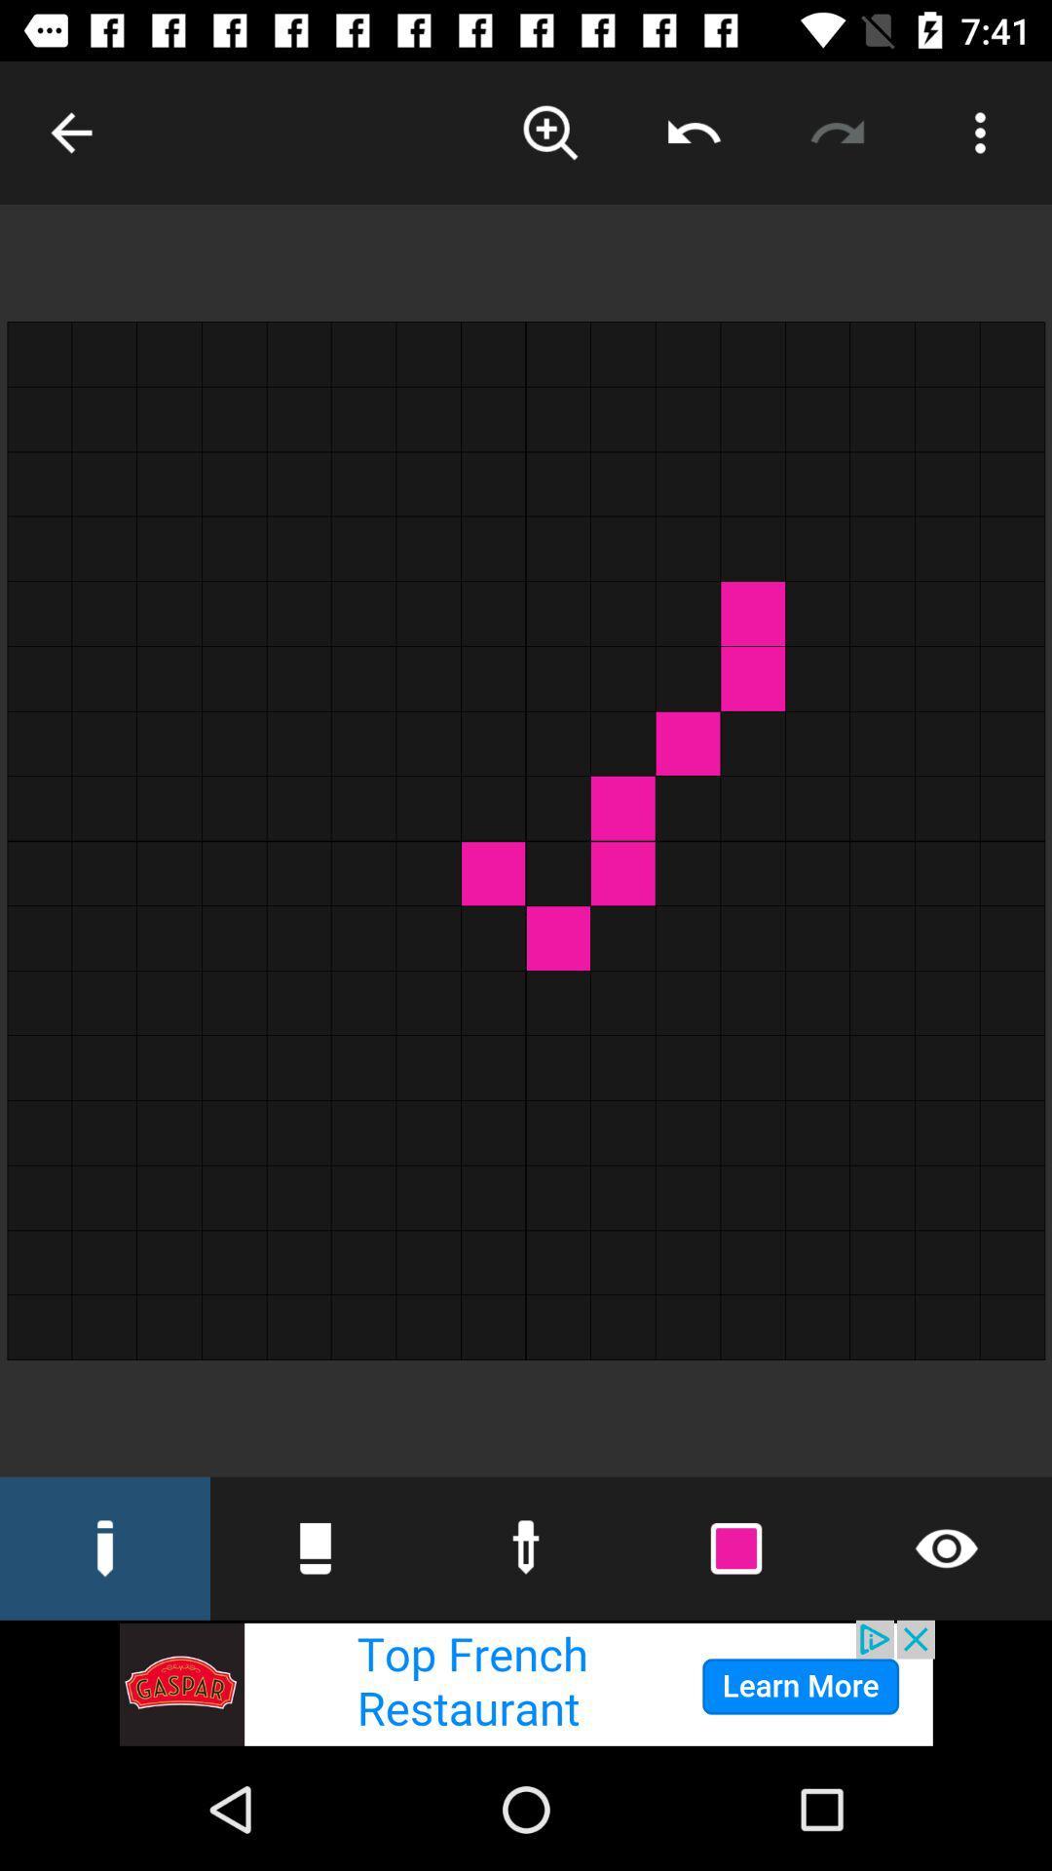 The image size is (1052, 1871). I want to click on redo, so click(836, 132).